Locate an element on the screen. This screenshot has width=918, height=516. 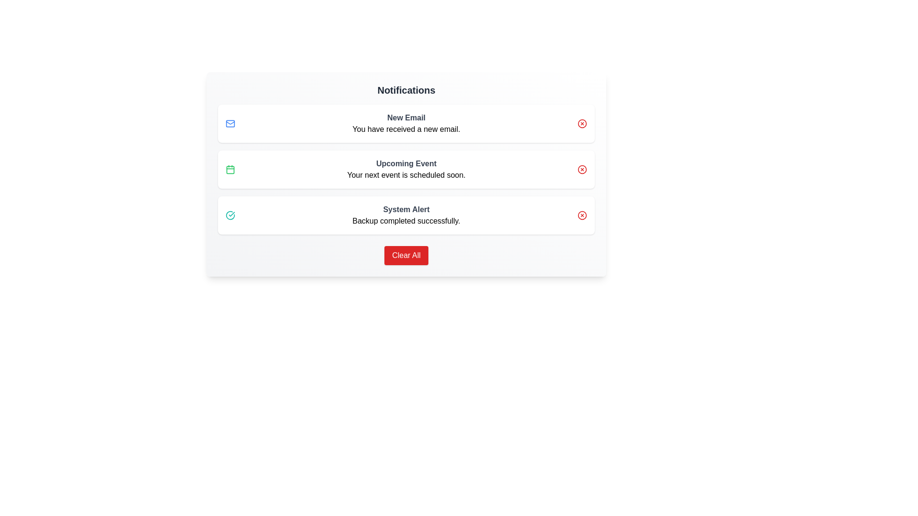
text label 'System Alert' which is displayed prominently in the third notification item, above the descriptive text 'Backup completed successfully' is located at coordinates (406, 209).